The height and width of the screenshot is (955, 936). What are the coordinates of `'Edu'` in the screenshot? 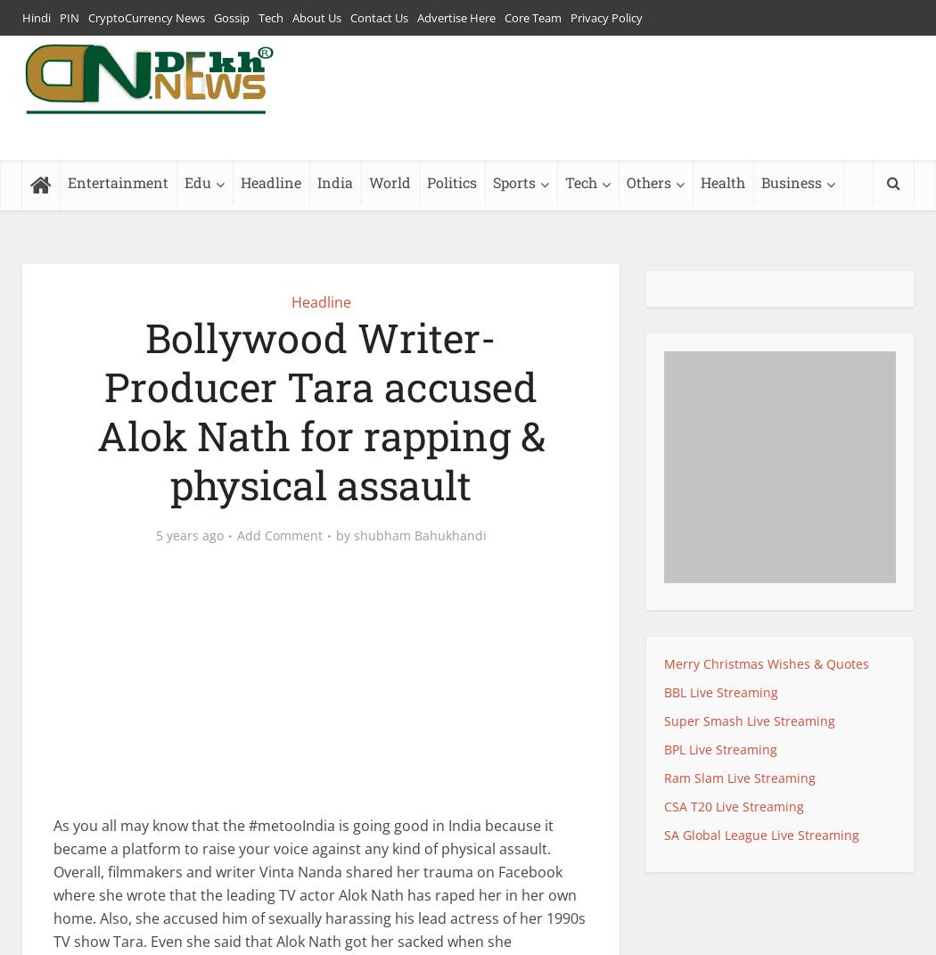 It's located at (196, 181).